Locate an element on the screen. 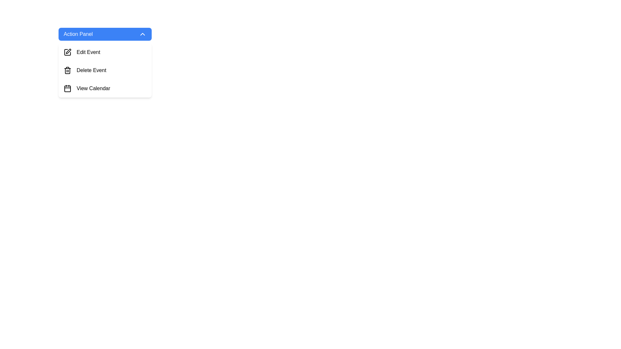 The height and width of the screenshot is (349, 621). the 'Edit Event' option in the dropdown menu is located at coordinates (105, 70).